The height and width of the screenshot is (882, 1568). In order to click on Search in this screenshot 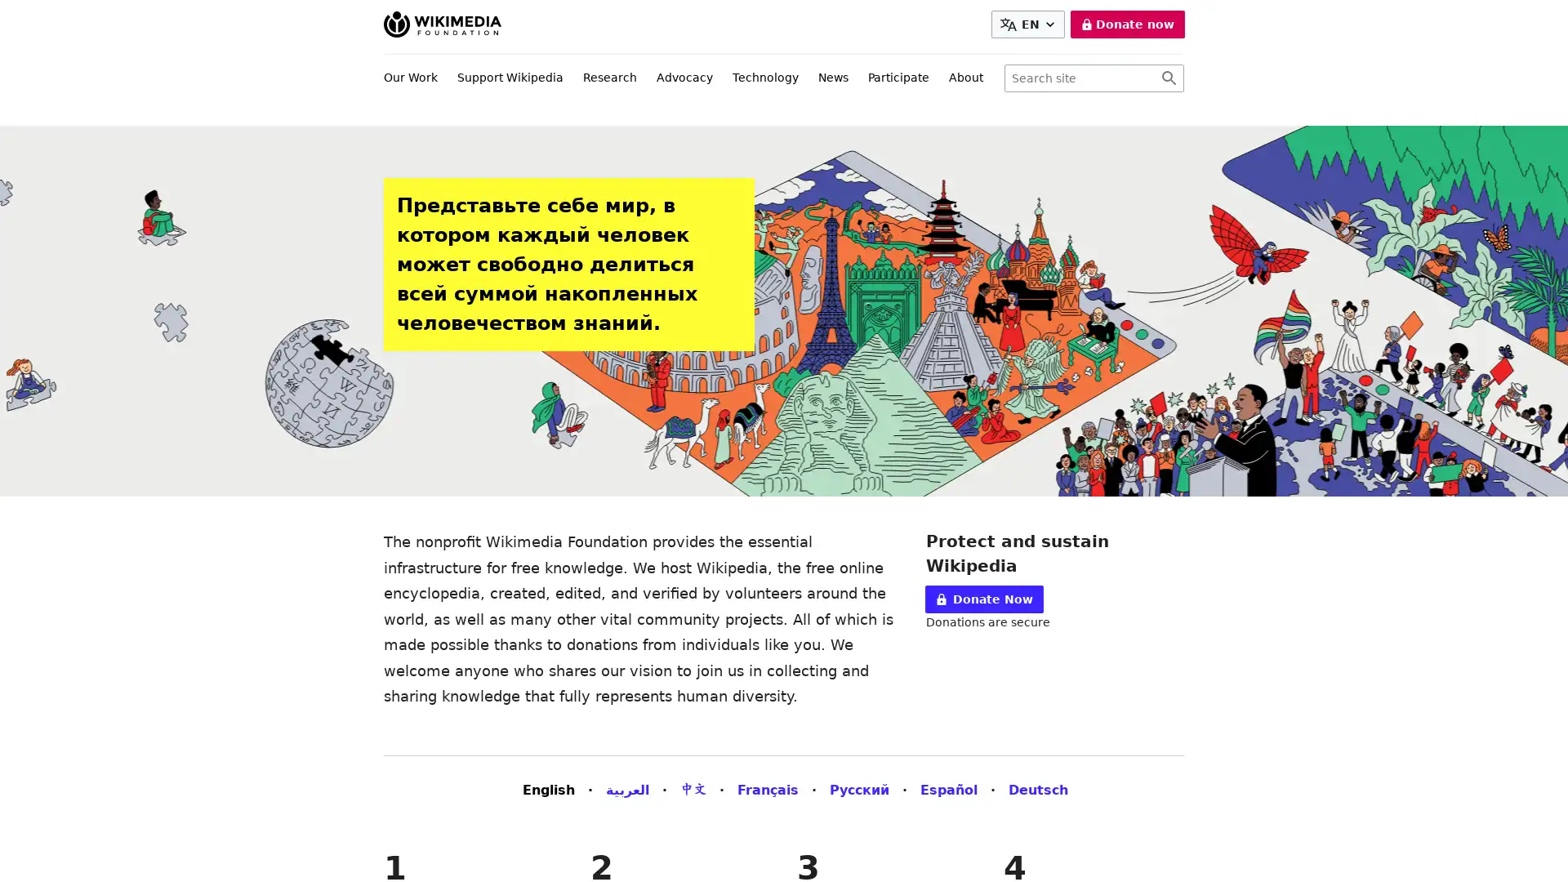, I will do `click(1168, 78)`.